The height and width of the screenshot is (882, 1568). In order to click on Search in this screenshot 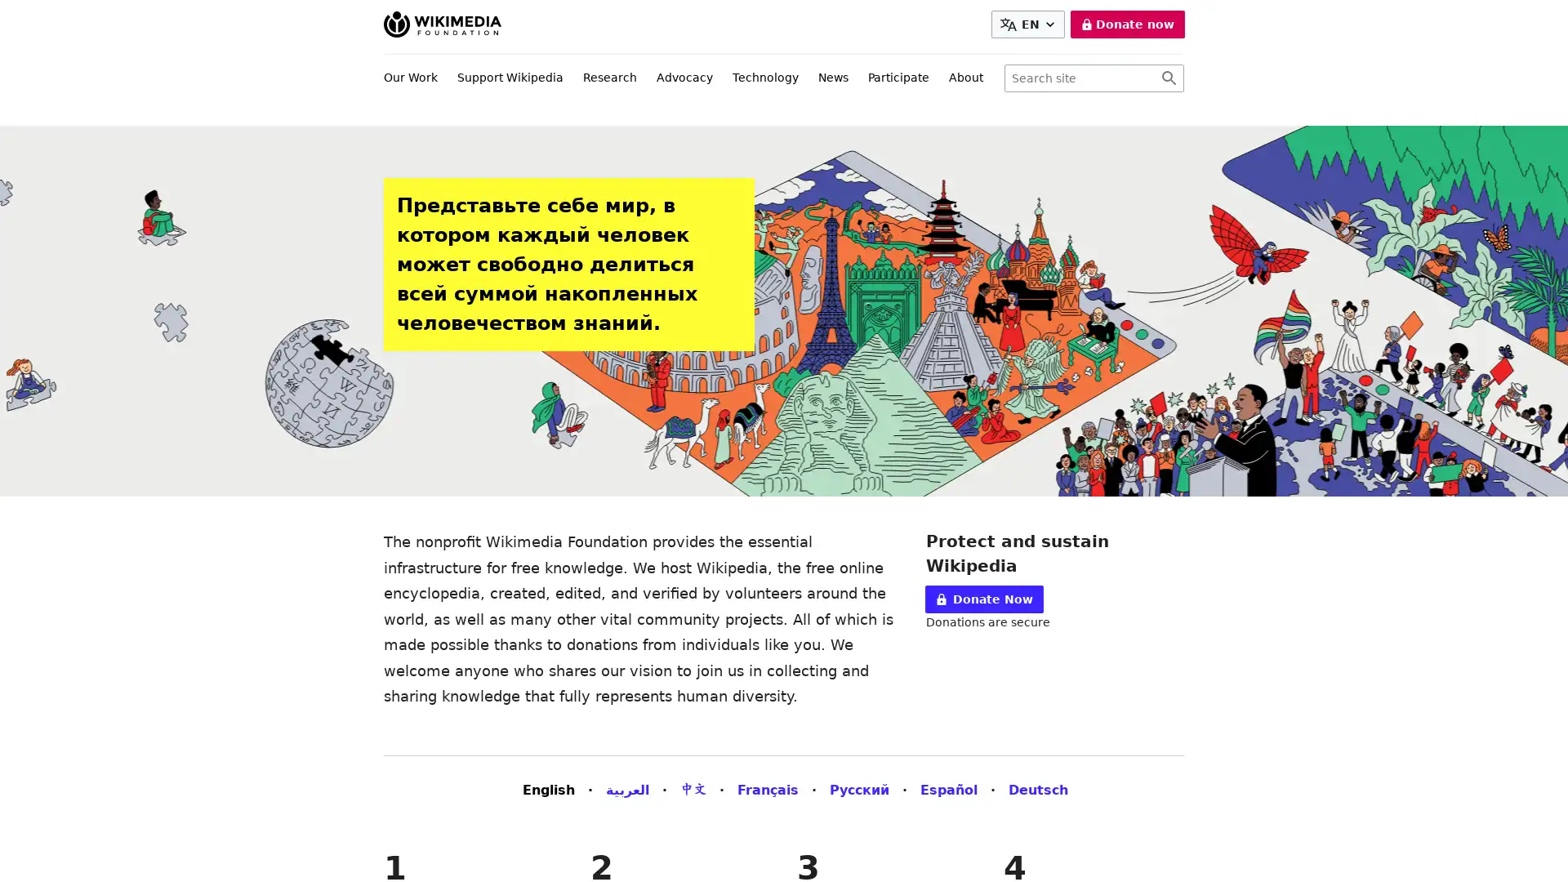, I will do `click(1168, 78)`.